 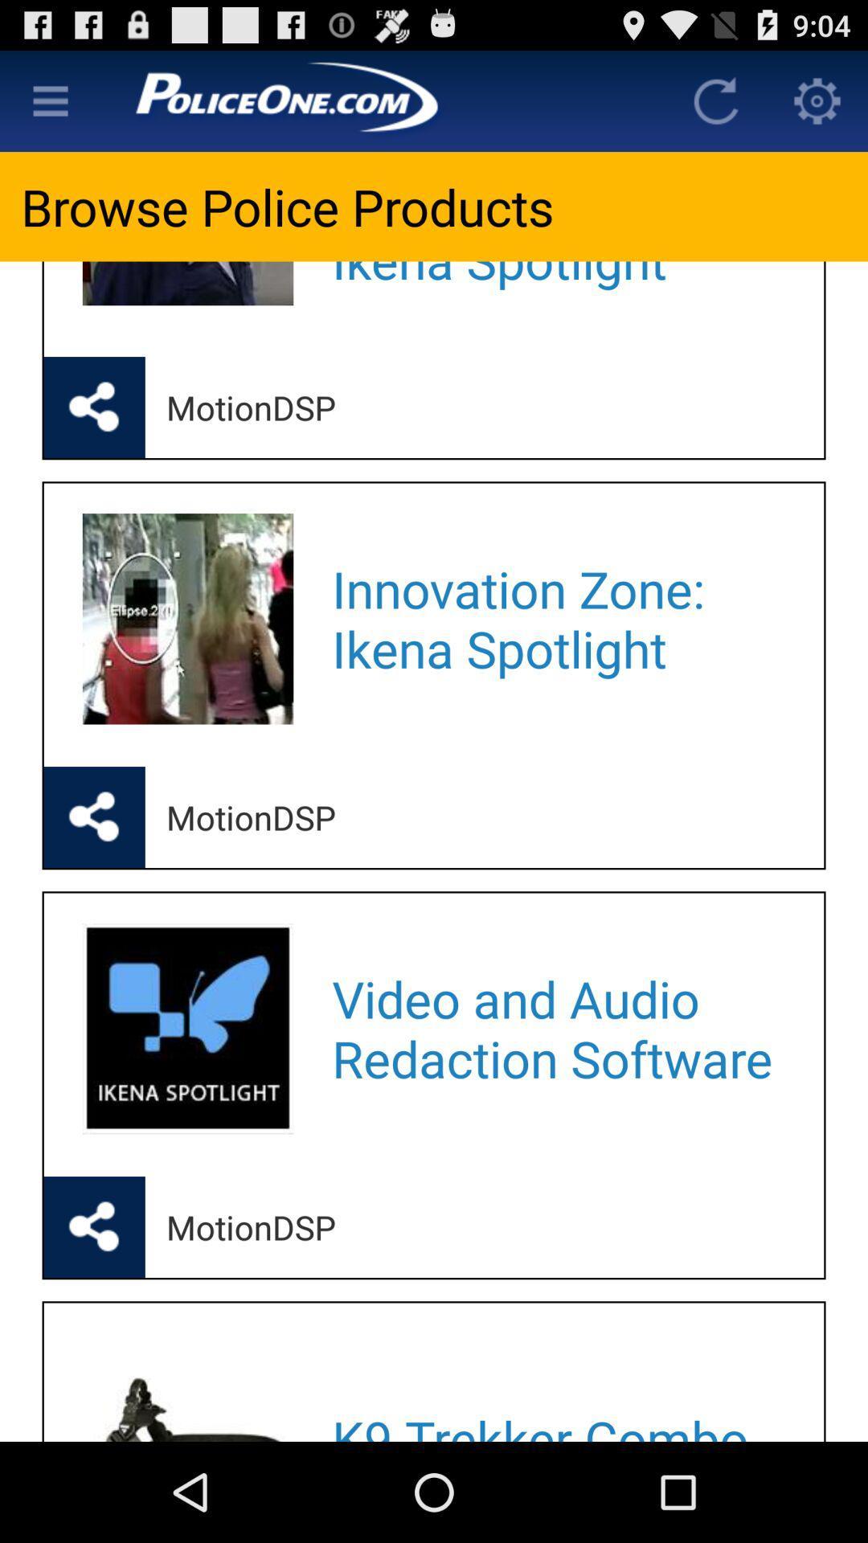 I want to click on refresh the page, so click(x=715, y=100).